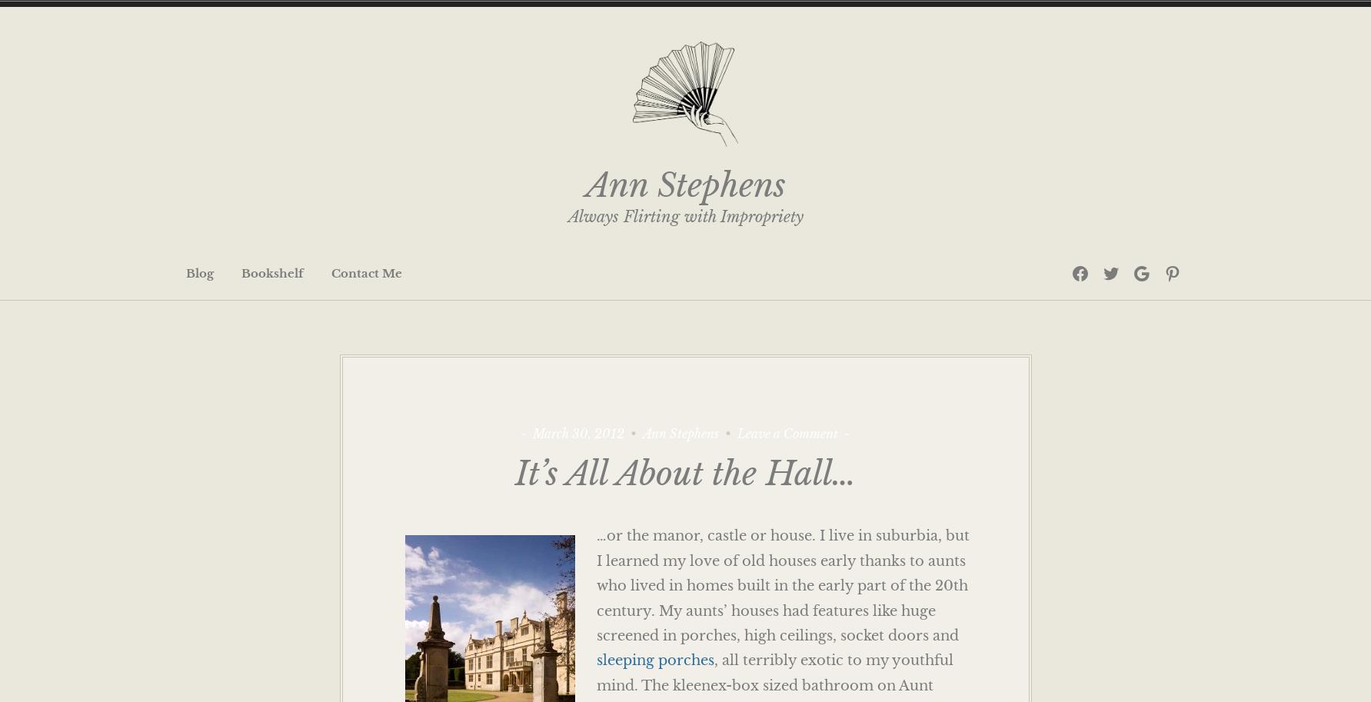 This screenshot has height=702, width=1371. Describe the element at coordinates (331, 273) in the screenshot. I see `'Contact Me'` at that location.